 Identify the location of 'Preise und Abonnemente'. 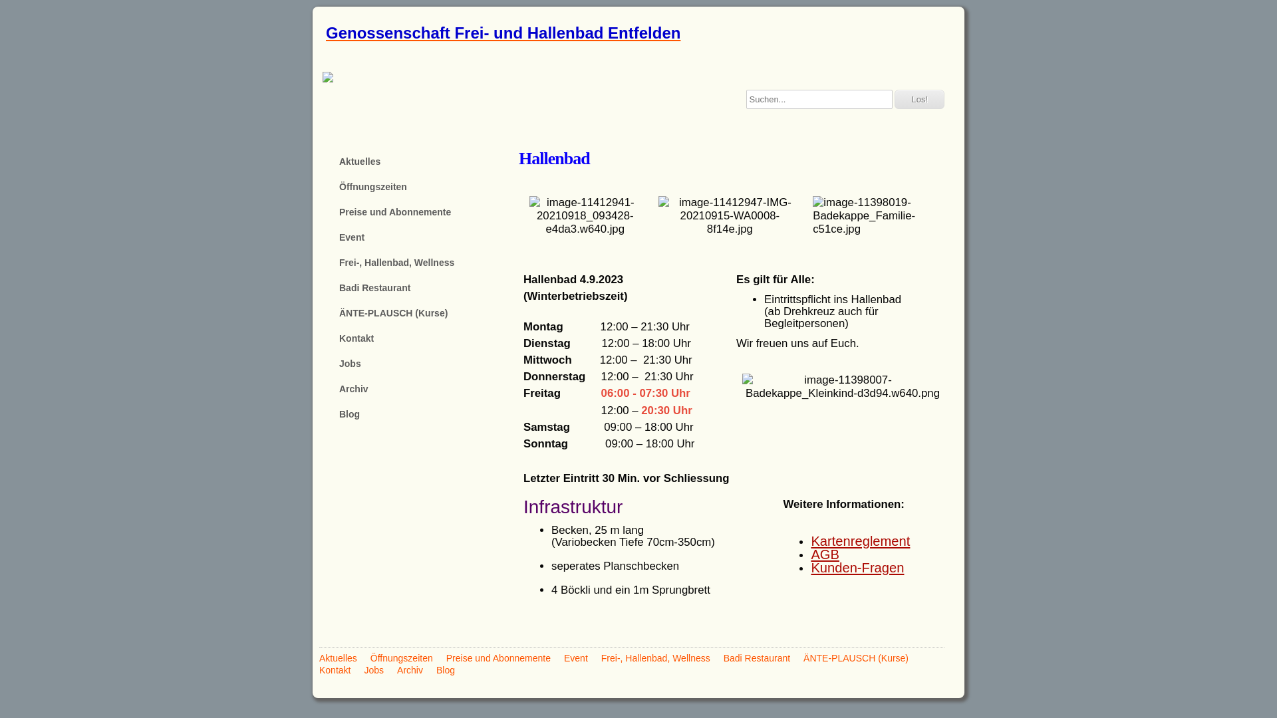
(446, 658).